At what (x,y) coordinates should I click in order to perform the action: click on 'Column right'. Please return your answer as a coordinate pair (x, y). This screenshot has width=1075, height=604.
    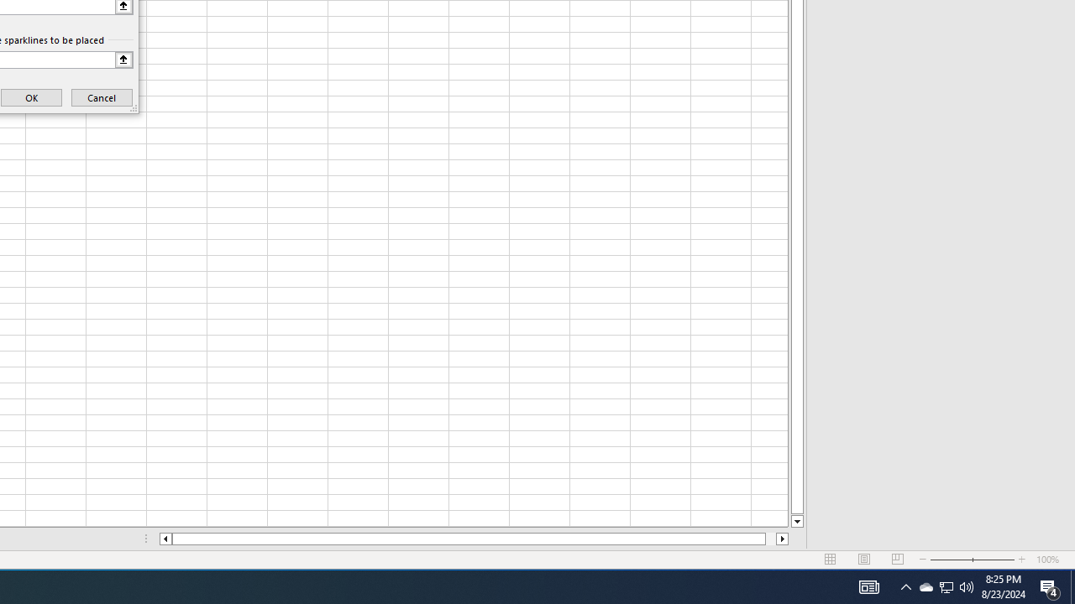
    Looking at the image, I should click on (782, 539).